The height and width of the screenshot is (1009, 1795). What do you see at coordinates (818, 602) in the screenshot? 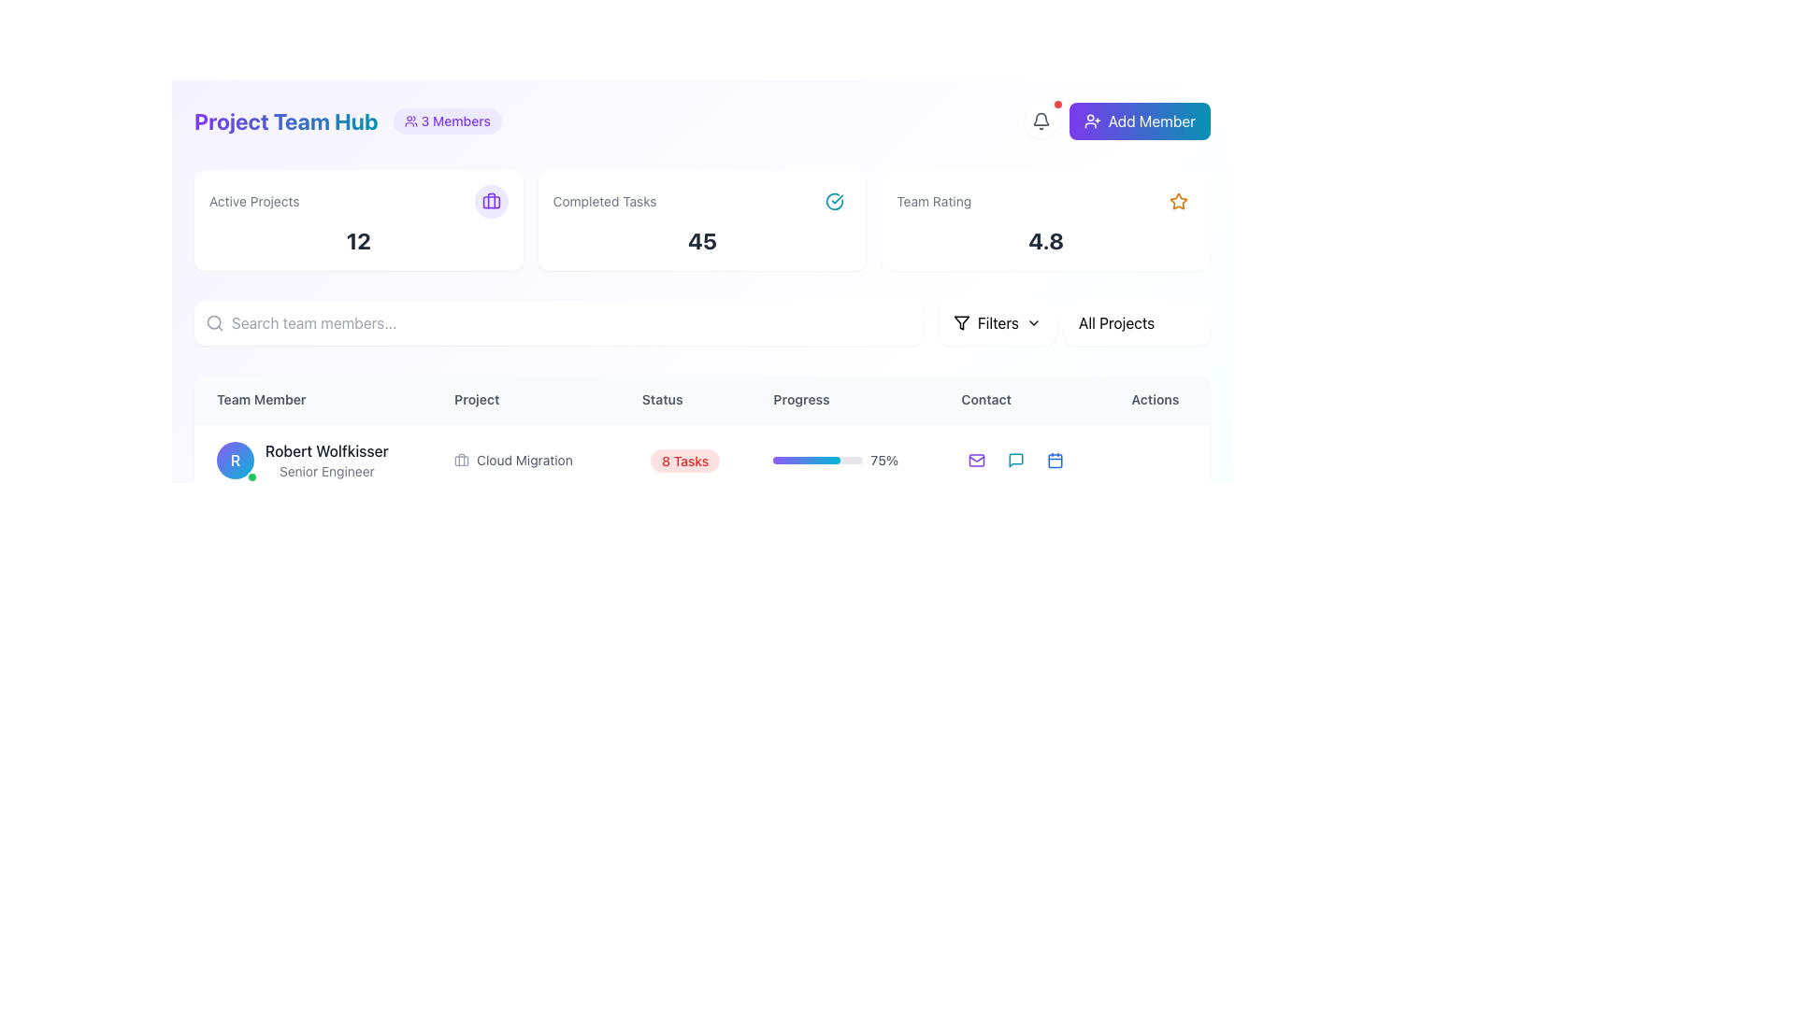
I see `the progress visually on the progress bar located in the 'Progress' column of the project management interface, associated with a team member's project information` at bounding box center [818, 602].